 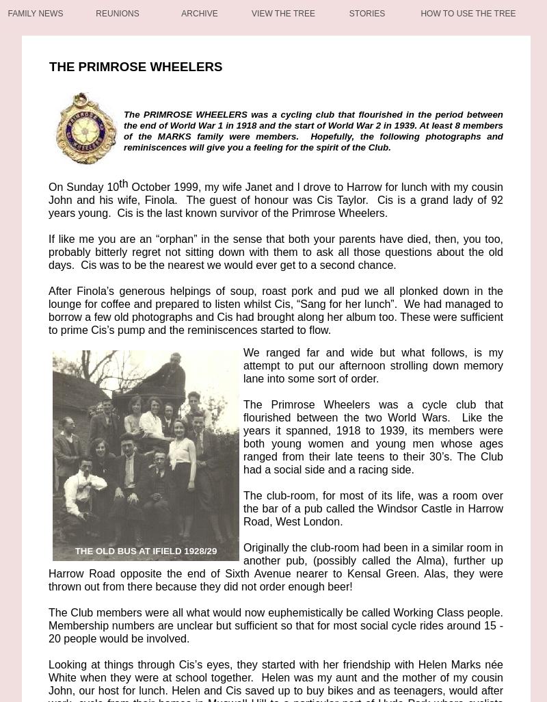 I want to click on 'room had been in a similar room in another pub, (possibly called the Alma), further up Harrow Road opposite the end of Sixth Avenue nearer to Kensal Green. Alas, they were thrown out from there because they did not order enough beer!', so click(x=48, y=567).